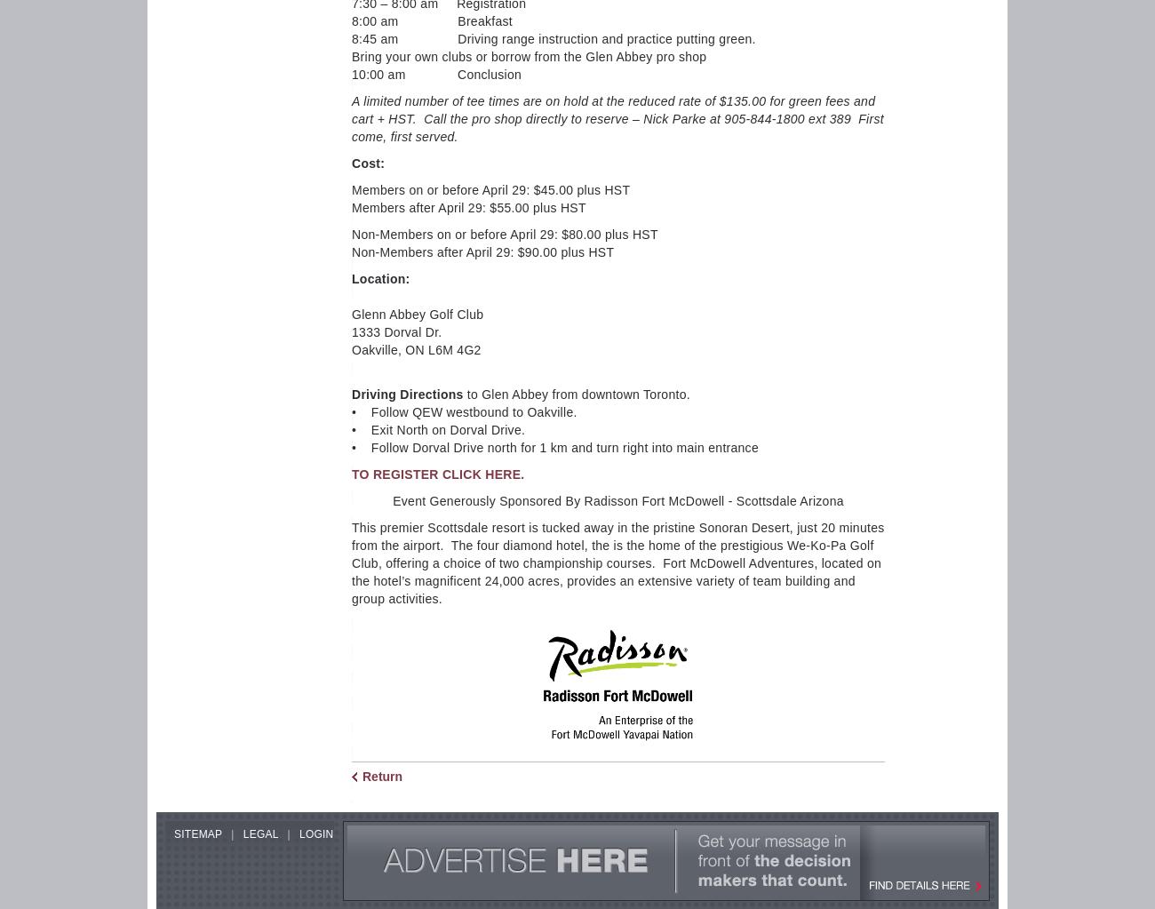  What do you see at coordinates (415, 348) in the screenshot?
I see `'Oakville, ON L6M 4G2'` at bounding box center [415, 348].